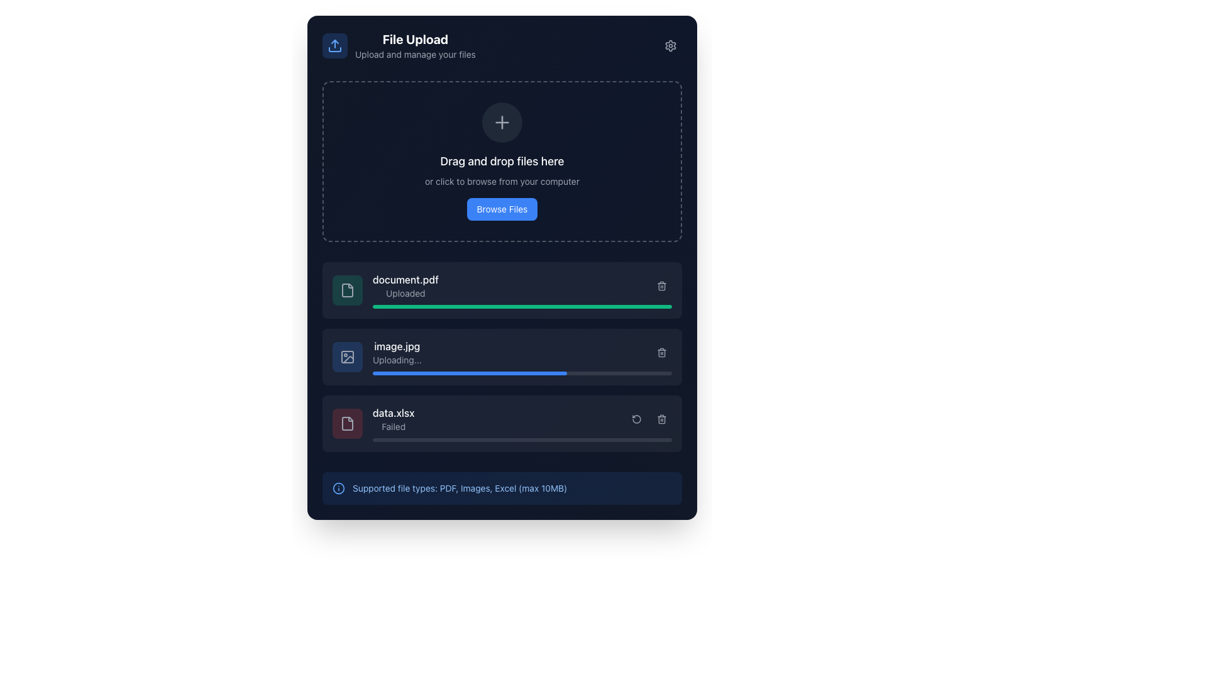 The width and height of the screenshot is (1207, 679). What do you see at coordinates (495, 439) in the screenshot?
I see `the progress` at bounding box center [495, 439].